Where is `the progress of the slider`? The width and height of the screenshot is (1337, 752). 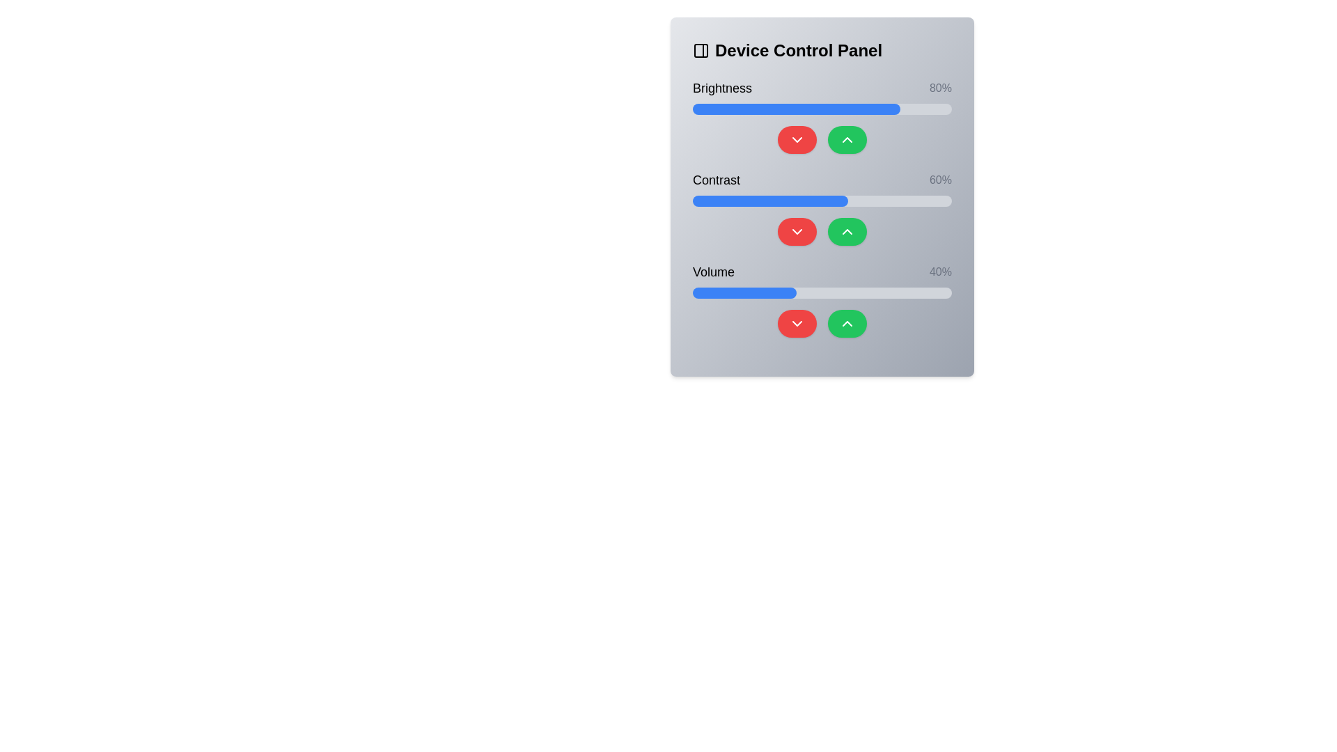
the progress of the slider is located at coordinates (933, 292).